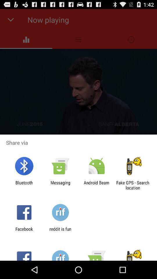 The height and width of the screenshot is (279, 157). I want to click on the item next to the messaging item, so click(97, 185).